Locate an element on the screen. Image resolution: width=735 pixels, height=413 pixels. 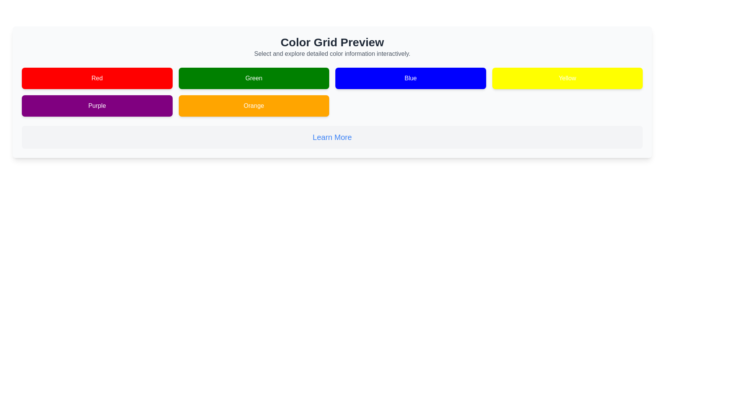
the second button in the top row of the grid layout, which indicates a green-themed option is located at coordinates (254, 78).